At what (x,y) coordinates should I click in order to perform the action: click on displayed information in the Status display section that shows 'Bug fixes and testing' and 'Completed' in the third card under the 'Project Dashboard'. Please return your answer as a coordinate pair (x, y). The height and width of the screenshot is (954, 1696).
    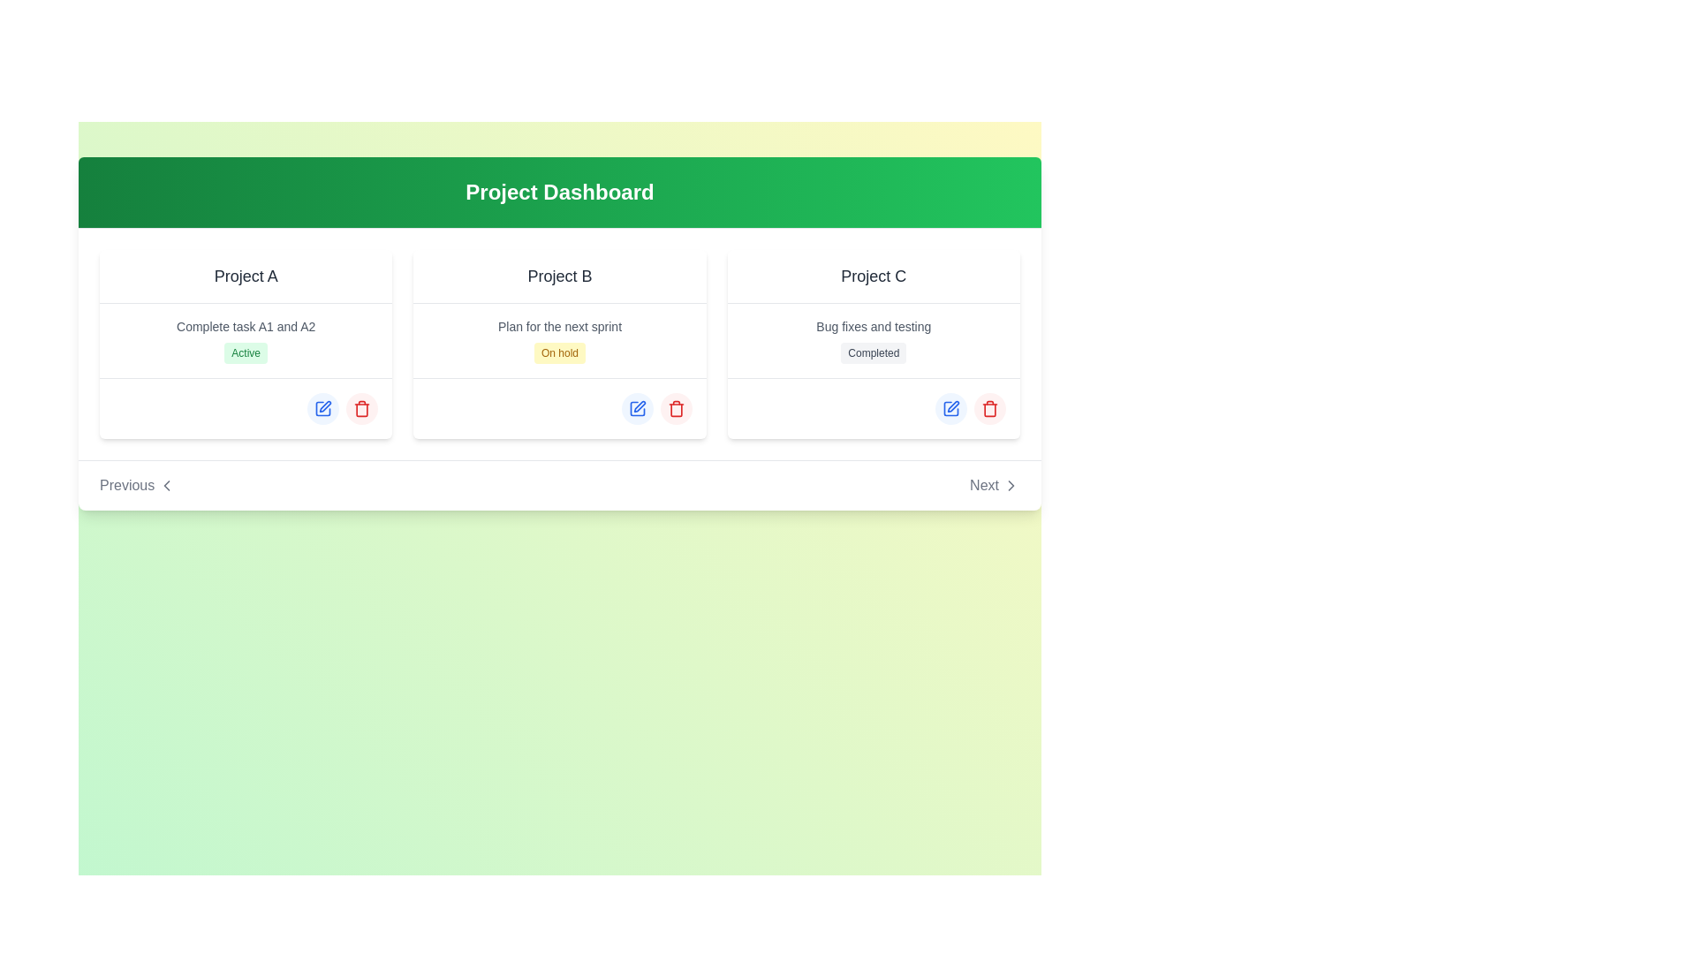
    Looking at the image, I should click on (874, 340).